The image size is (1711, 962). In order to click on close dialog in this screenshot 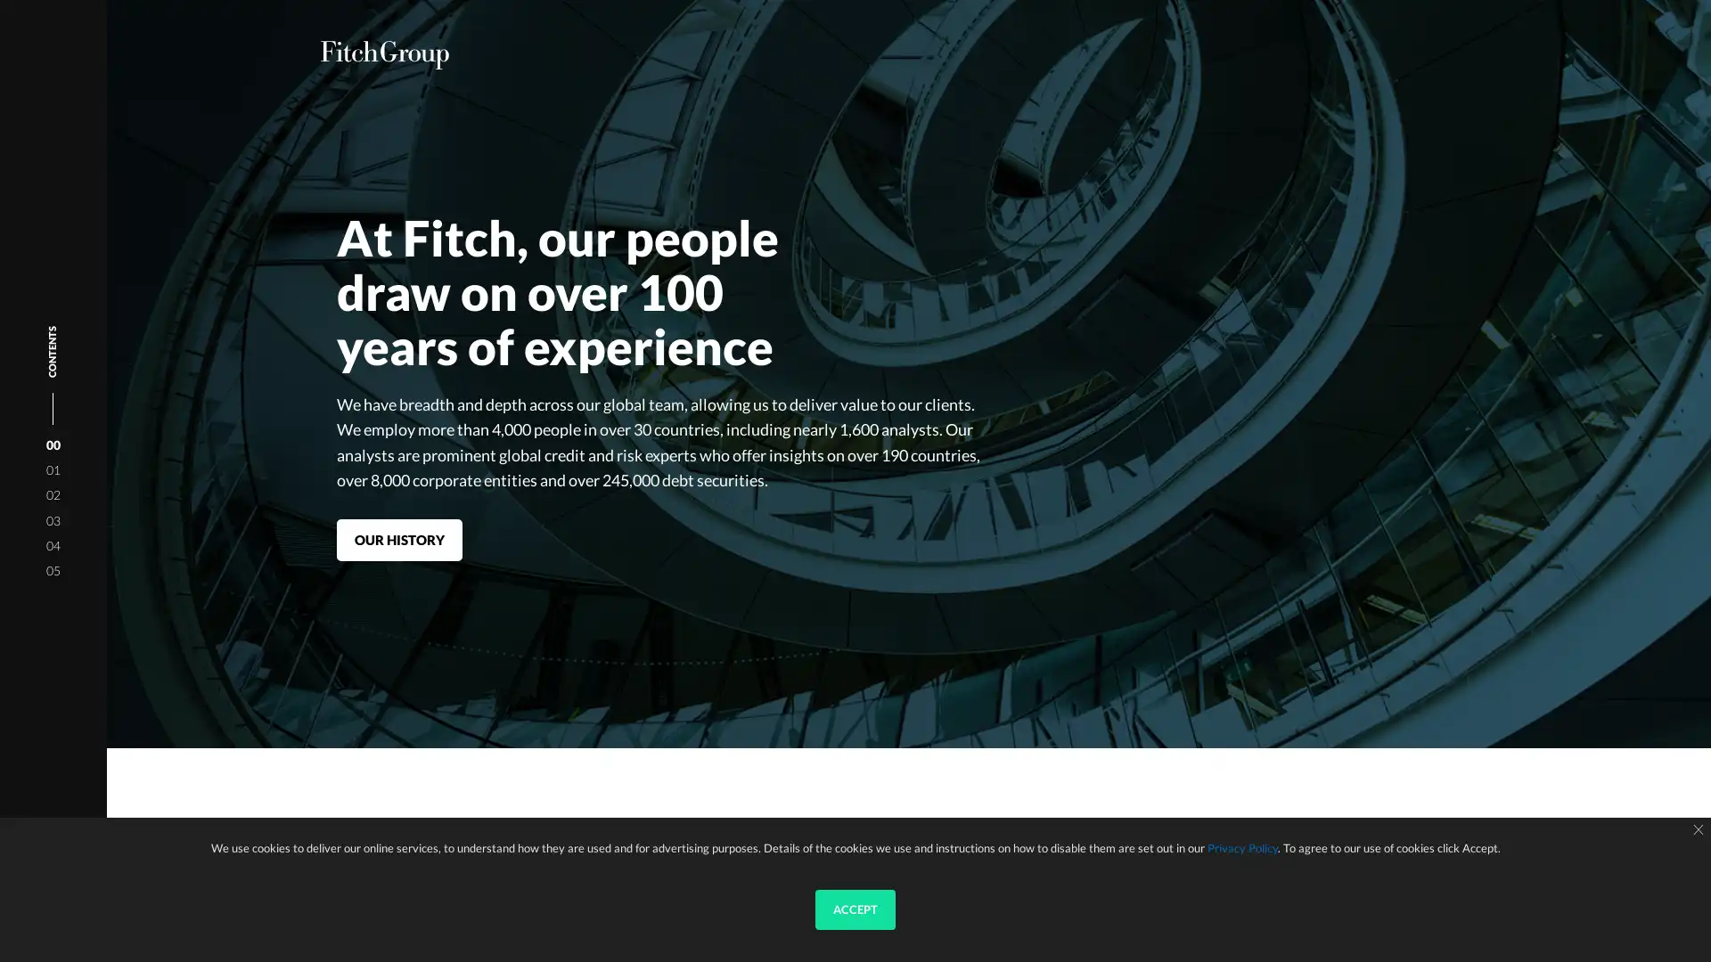, I will do `click(1697, 830)`.